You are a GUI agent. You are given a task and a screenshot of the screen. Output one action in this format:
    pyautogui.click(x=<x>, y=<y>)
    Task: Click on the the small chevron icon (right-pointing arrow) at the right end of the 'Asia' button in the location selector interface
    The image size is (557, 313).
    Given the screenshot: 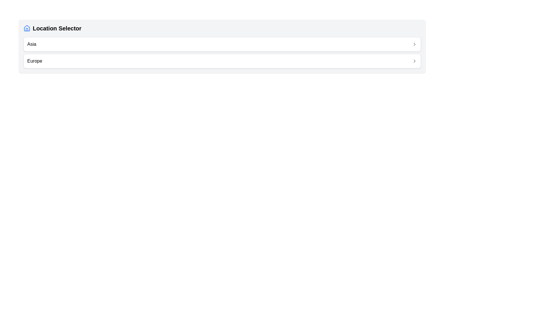 What is the action you would take?
    pyautogui.click(x=414, y=44)
    